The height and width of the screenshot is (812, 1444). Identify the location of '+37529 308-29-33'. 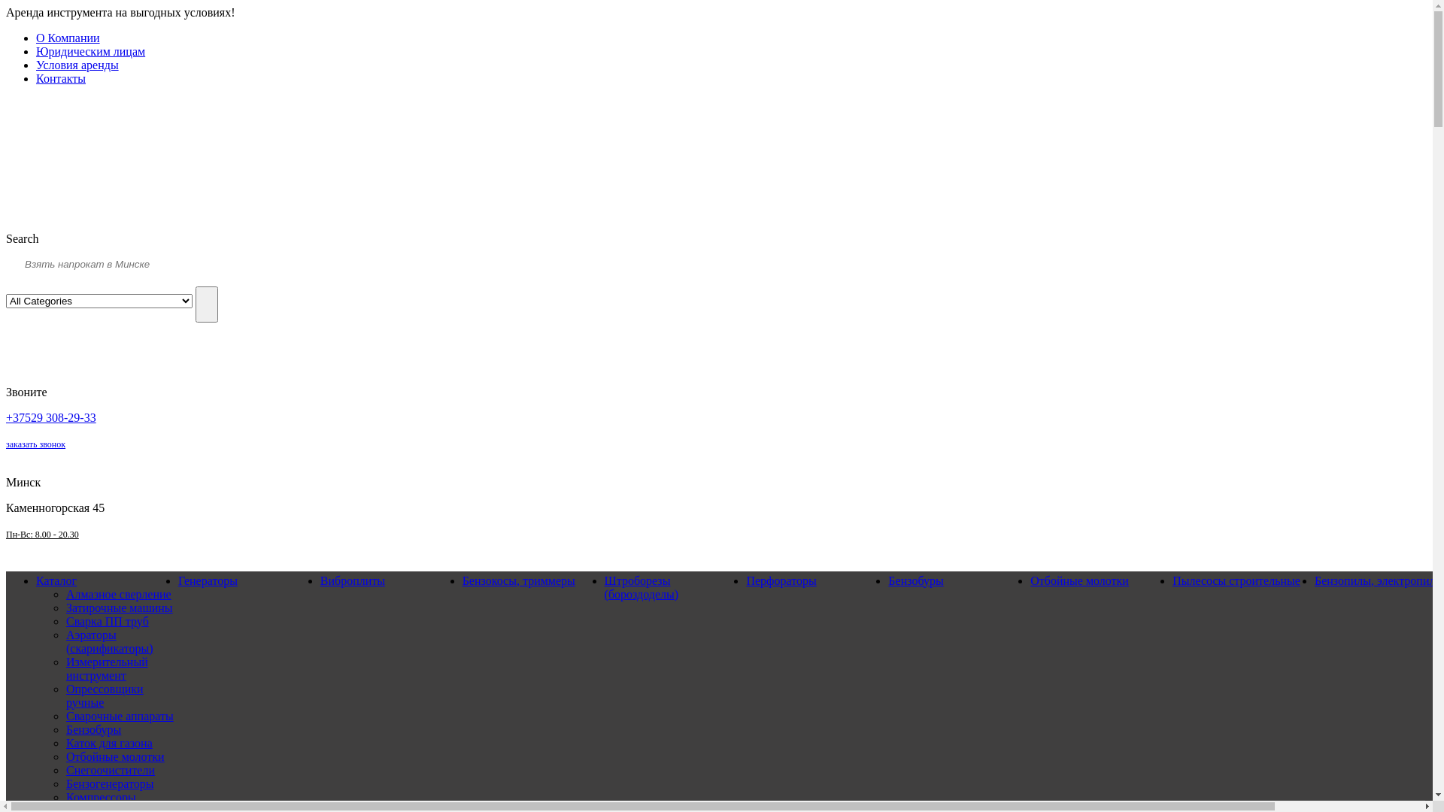
(50, 417).